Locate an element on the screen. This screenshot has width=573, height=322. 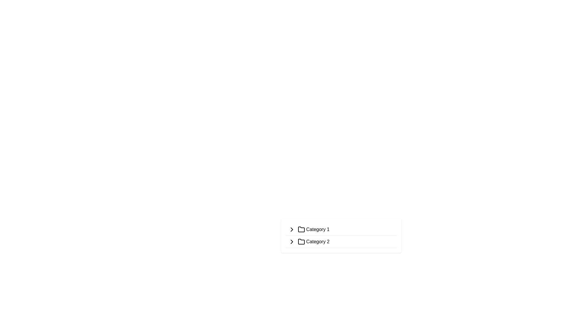
the first collapsible menu item in the vertical menu list is located at coordinates (341, 229).